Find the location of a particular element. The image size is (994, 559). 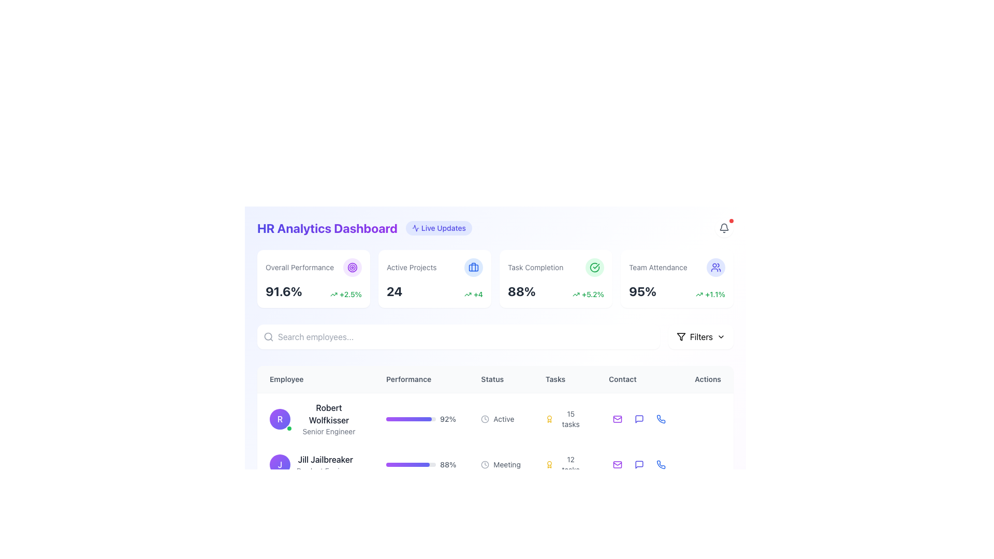

the text display with an avatar icon that shows the user's name is located at coordinates (315, 418).